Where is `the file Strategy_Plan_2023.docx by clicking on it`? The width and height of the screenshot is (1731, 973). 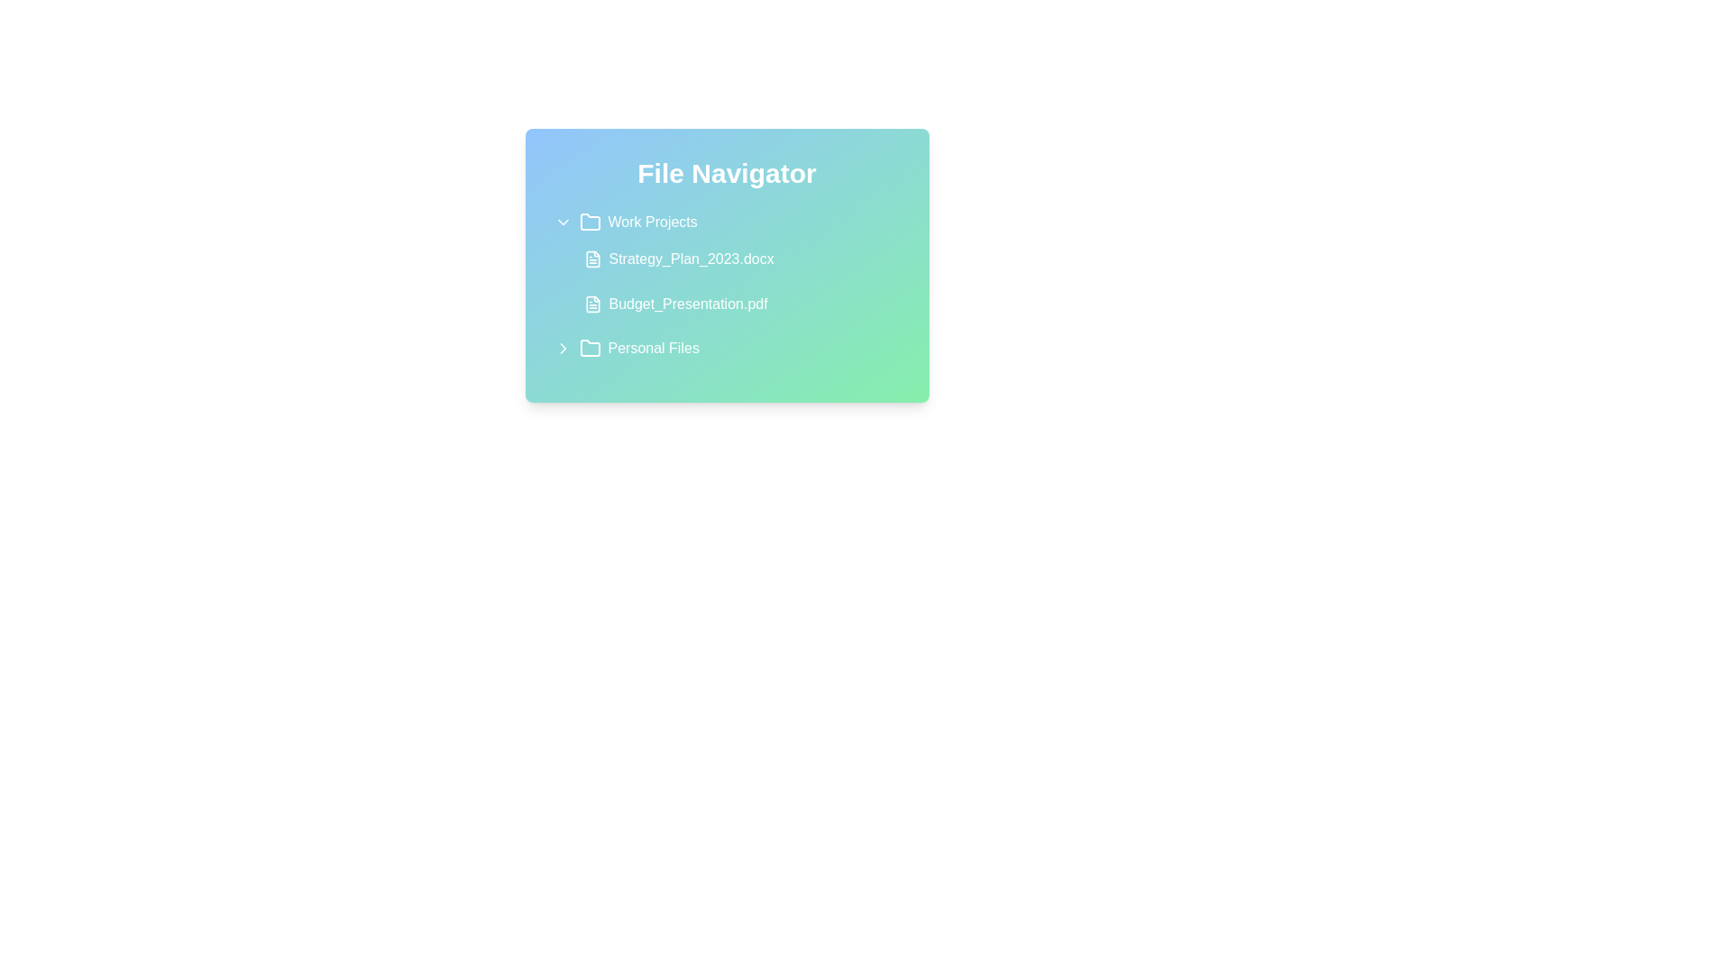
the file Strategy_Plan_2023.docx by clicking on it is located at coordinates (737, 259).